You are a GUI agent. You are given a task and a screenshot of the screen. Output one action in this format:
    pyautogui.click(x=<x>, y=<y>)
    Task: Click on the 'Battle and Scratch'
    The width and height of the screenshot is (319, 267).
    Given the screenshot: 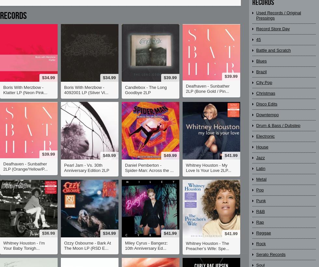 What is the action you would take?
    pyautogui.click(x=273, y=50)
    